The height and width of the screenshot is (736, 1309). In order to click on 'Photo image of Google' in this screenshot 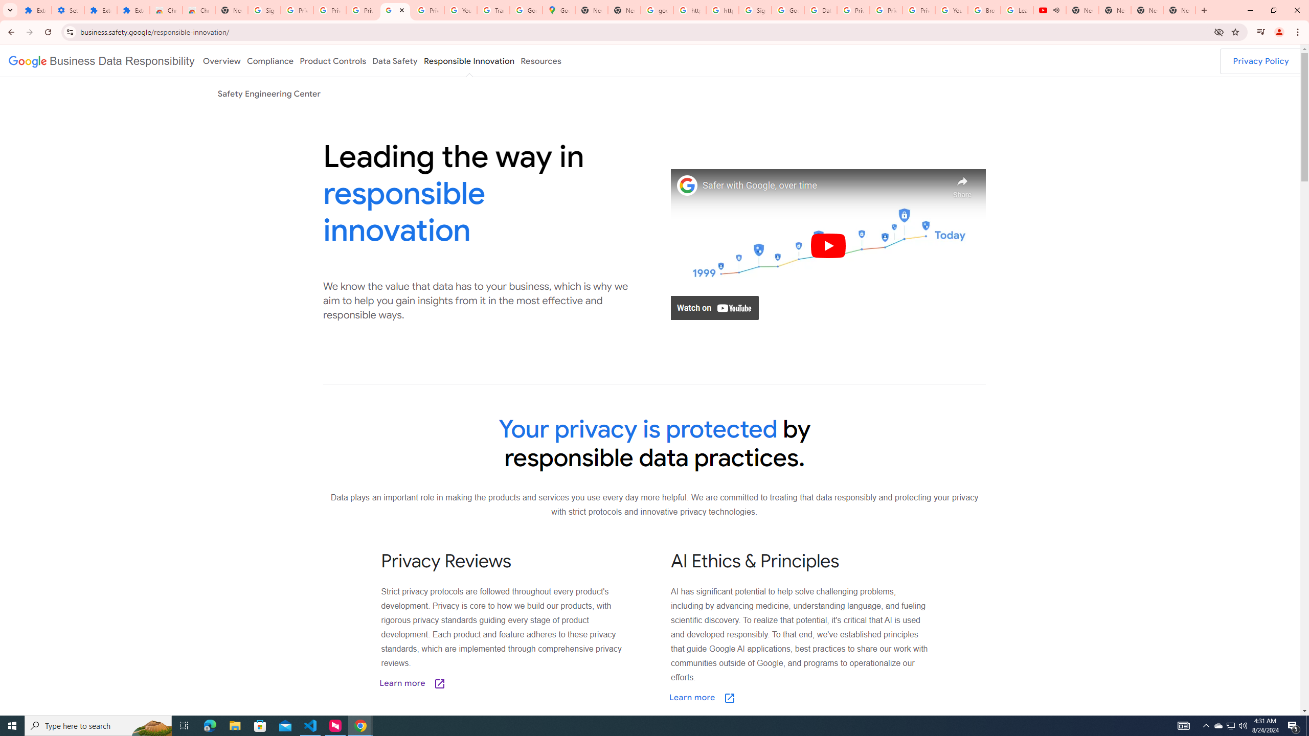, I will do `click(687, 185)`.